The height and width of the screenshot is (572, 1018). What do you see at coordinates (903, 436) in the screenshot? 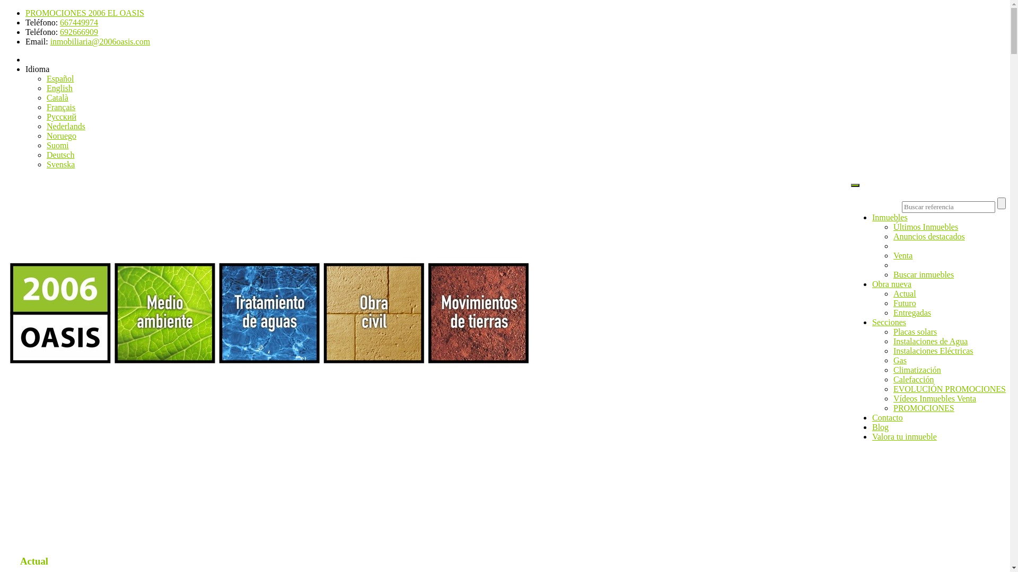
I see `'Valora tu inmueble'` at bounding box center [903, 436].